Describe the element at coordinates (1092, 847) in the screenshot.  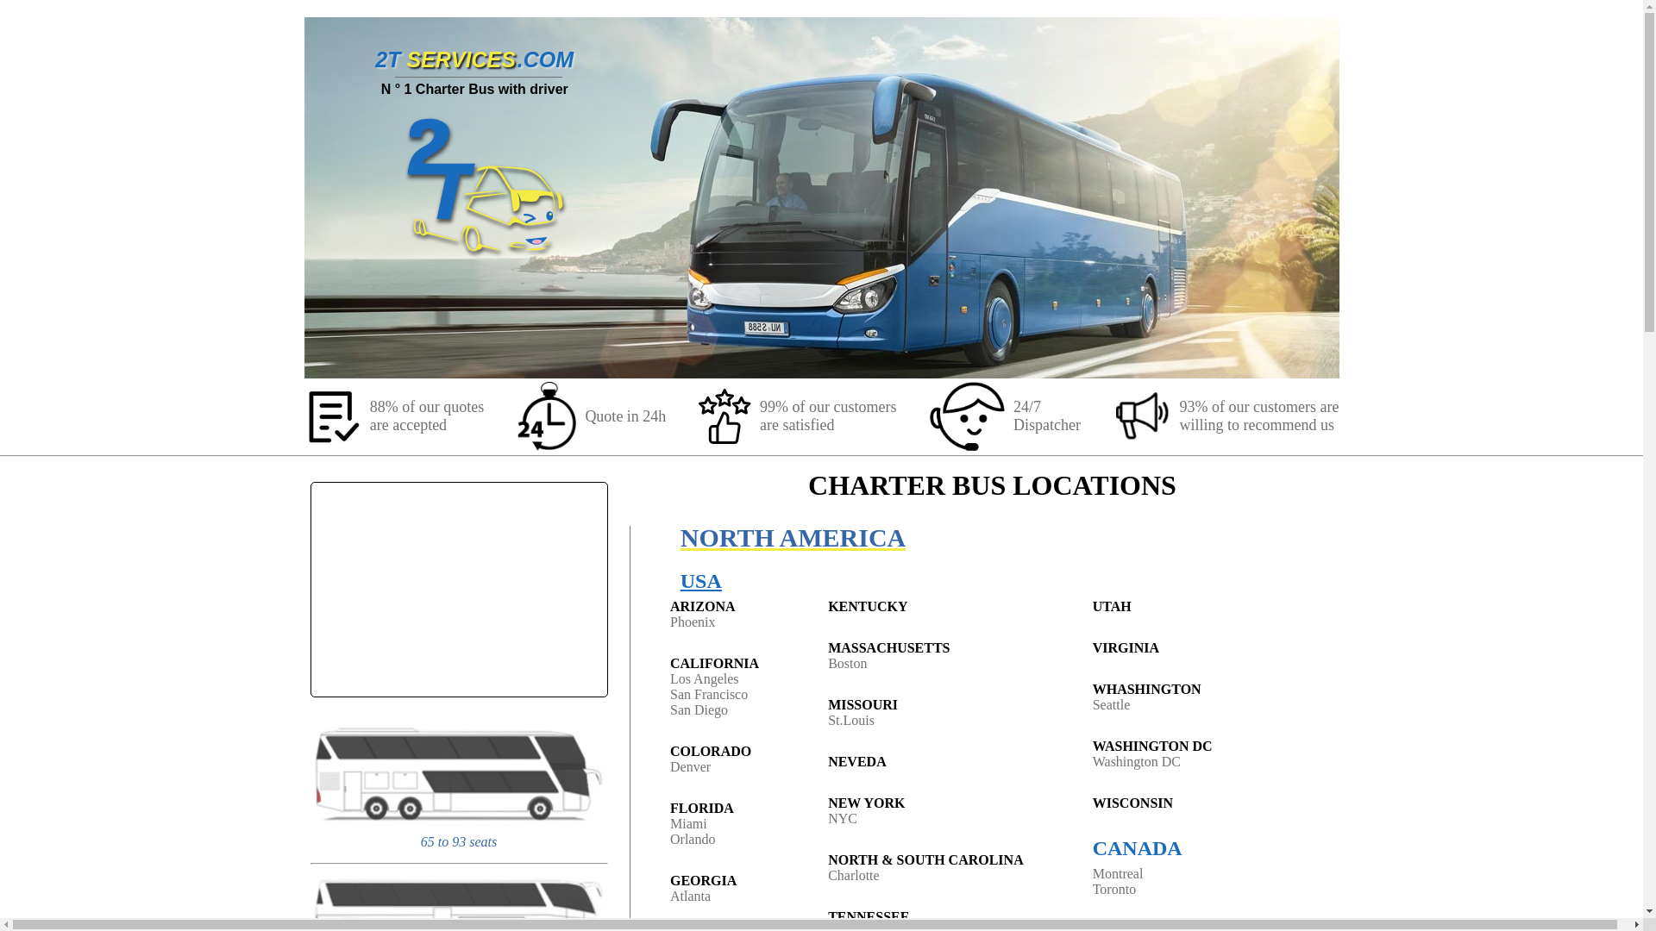
I see `'CANADA'` at that location.